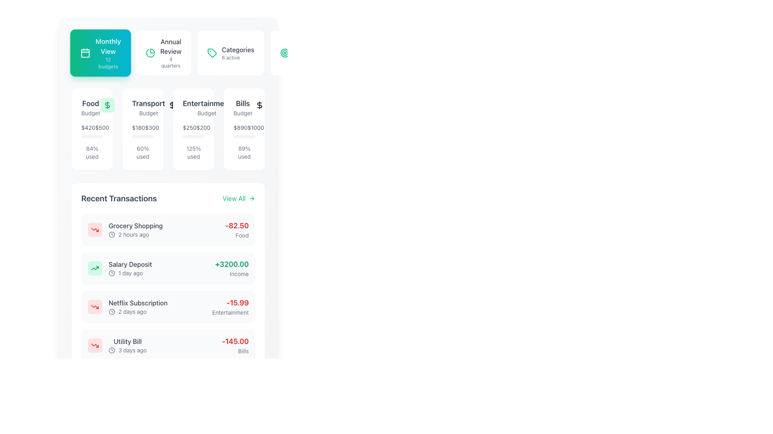 This screenshot has height=434, width=773. Describe the element at coordinates (167, 345) in the screenshot. I see `the fourth transaction entry in the 'Recent Transactions' section` at that location.